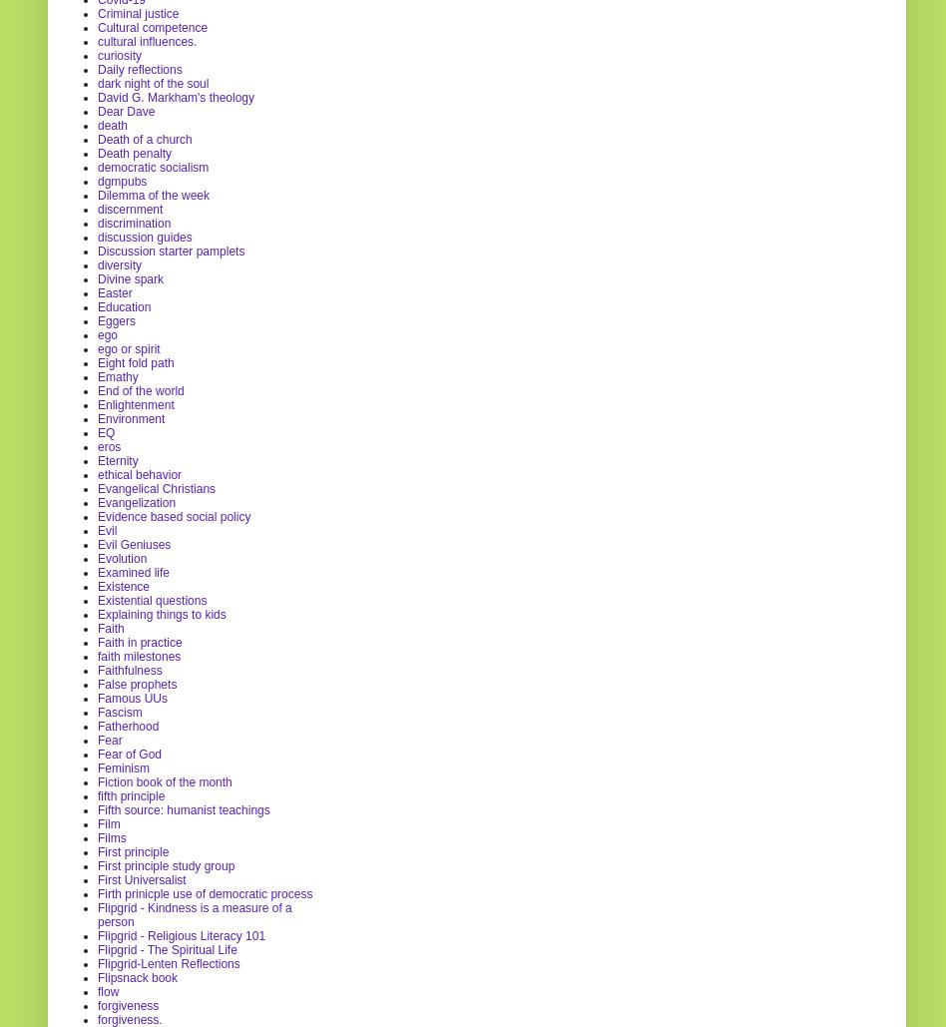  I want to click on 'Emathy', so click(118, 375).